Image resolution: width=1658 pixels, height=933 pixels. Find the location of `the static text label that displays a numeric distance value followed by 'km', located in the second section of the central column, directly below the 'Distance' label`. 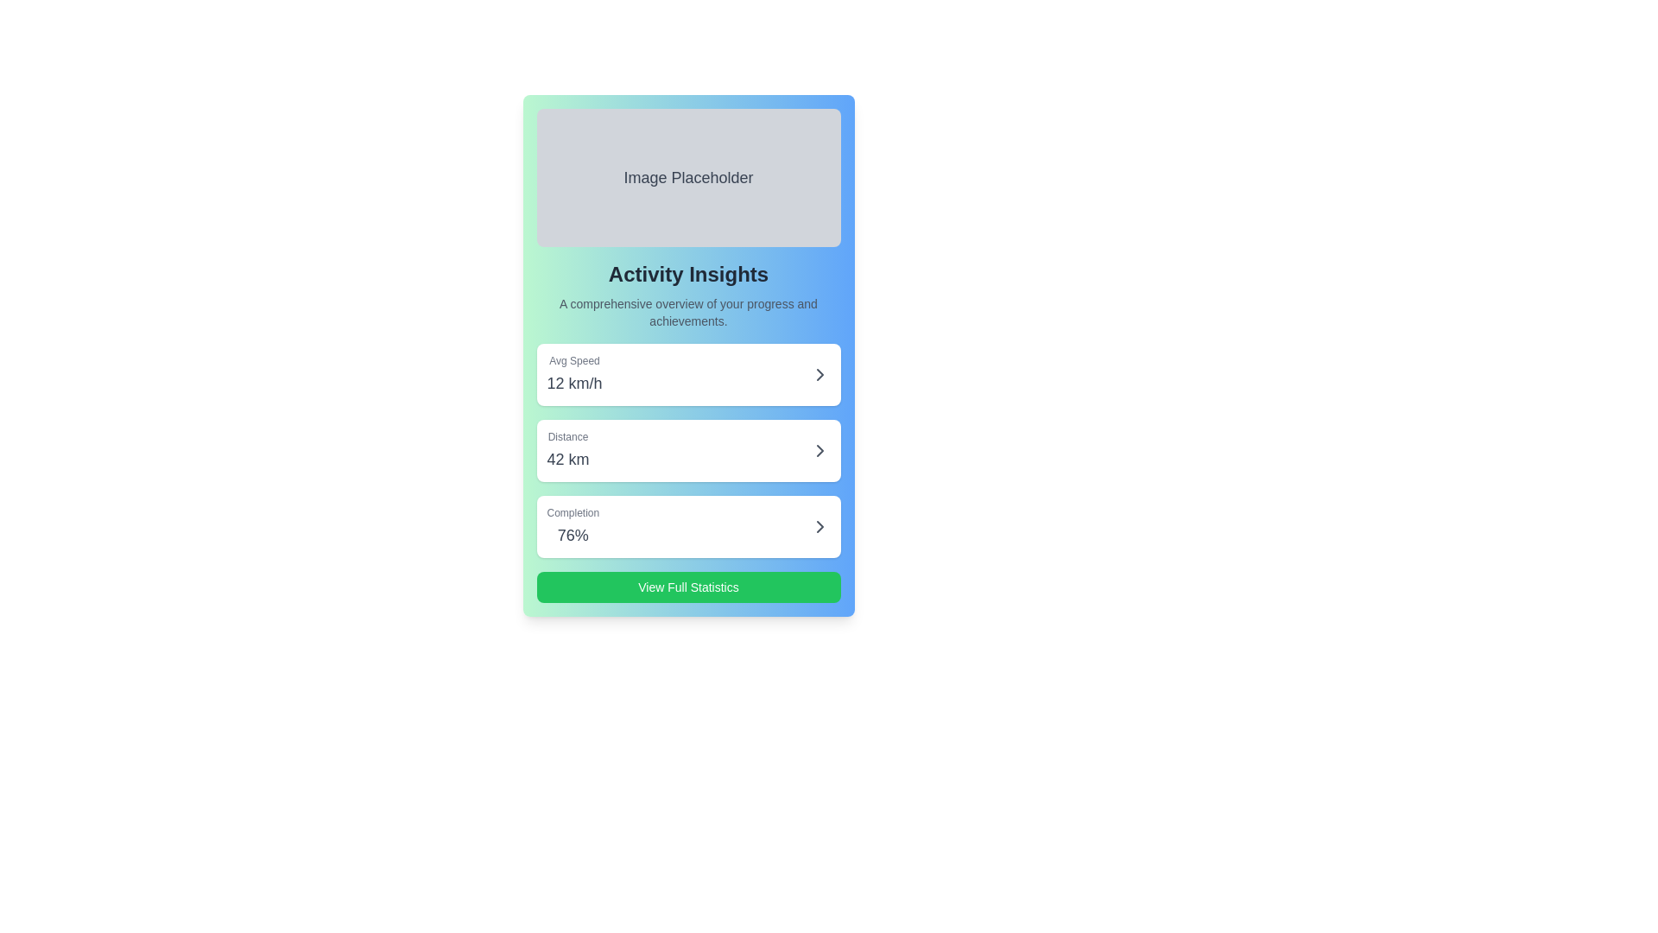

the static text label that displays a numeric distance value followed by 'km', located in the second section of the central column, directly below the 'Distance' label is located at coordinates (567, 459).